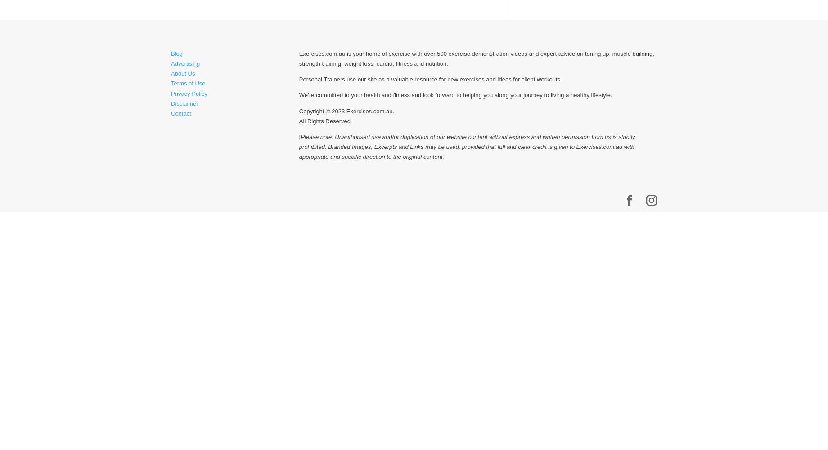 This screenshot has width=828, height=450. I want to click on 'Advertising', so click(184, 63).